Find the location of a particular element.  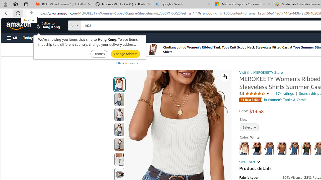

'Size Chart ' is located at coordinates (250, 162).